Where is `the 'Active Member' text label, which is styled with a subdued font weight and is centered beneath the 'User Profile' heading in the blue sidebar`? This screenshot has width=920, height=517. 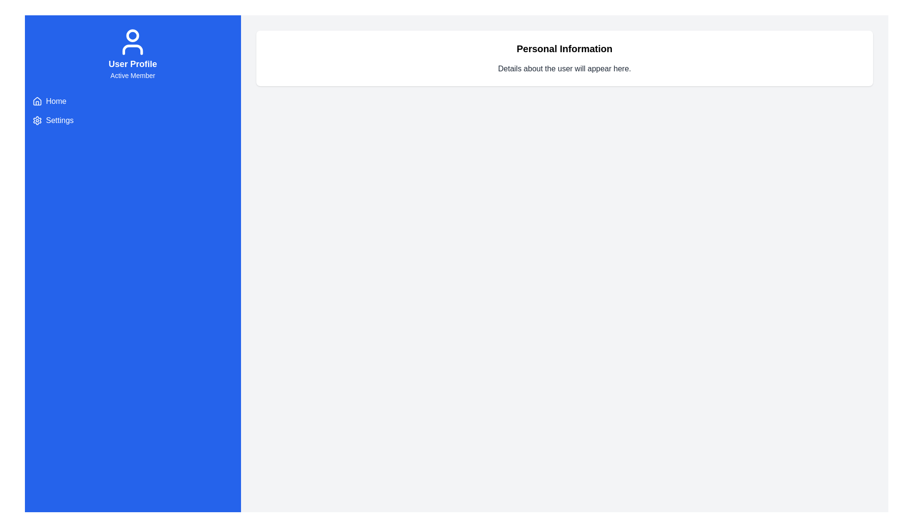
the 'Active Member' text label, which is styled with a subdued font weight and is centered beneath the 'User Profile' heading in the blue sidebar is located at coordinates (132, 75).